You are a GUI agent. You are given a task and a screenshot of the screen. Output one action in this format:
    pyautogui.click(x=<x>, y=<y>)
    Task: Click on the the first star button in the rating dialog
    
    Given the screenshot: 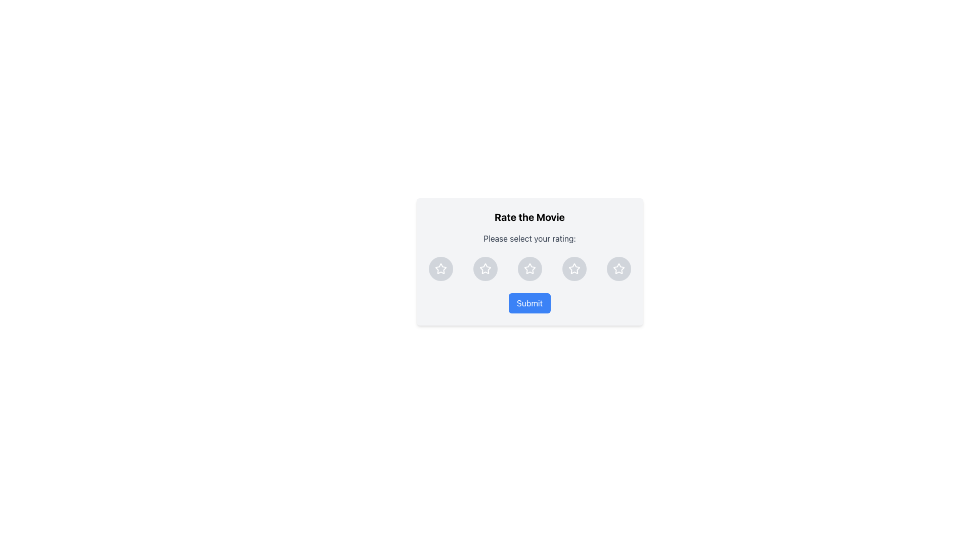 What is the action you would take?
    pyautogui.click(x=440, y=268)
    